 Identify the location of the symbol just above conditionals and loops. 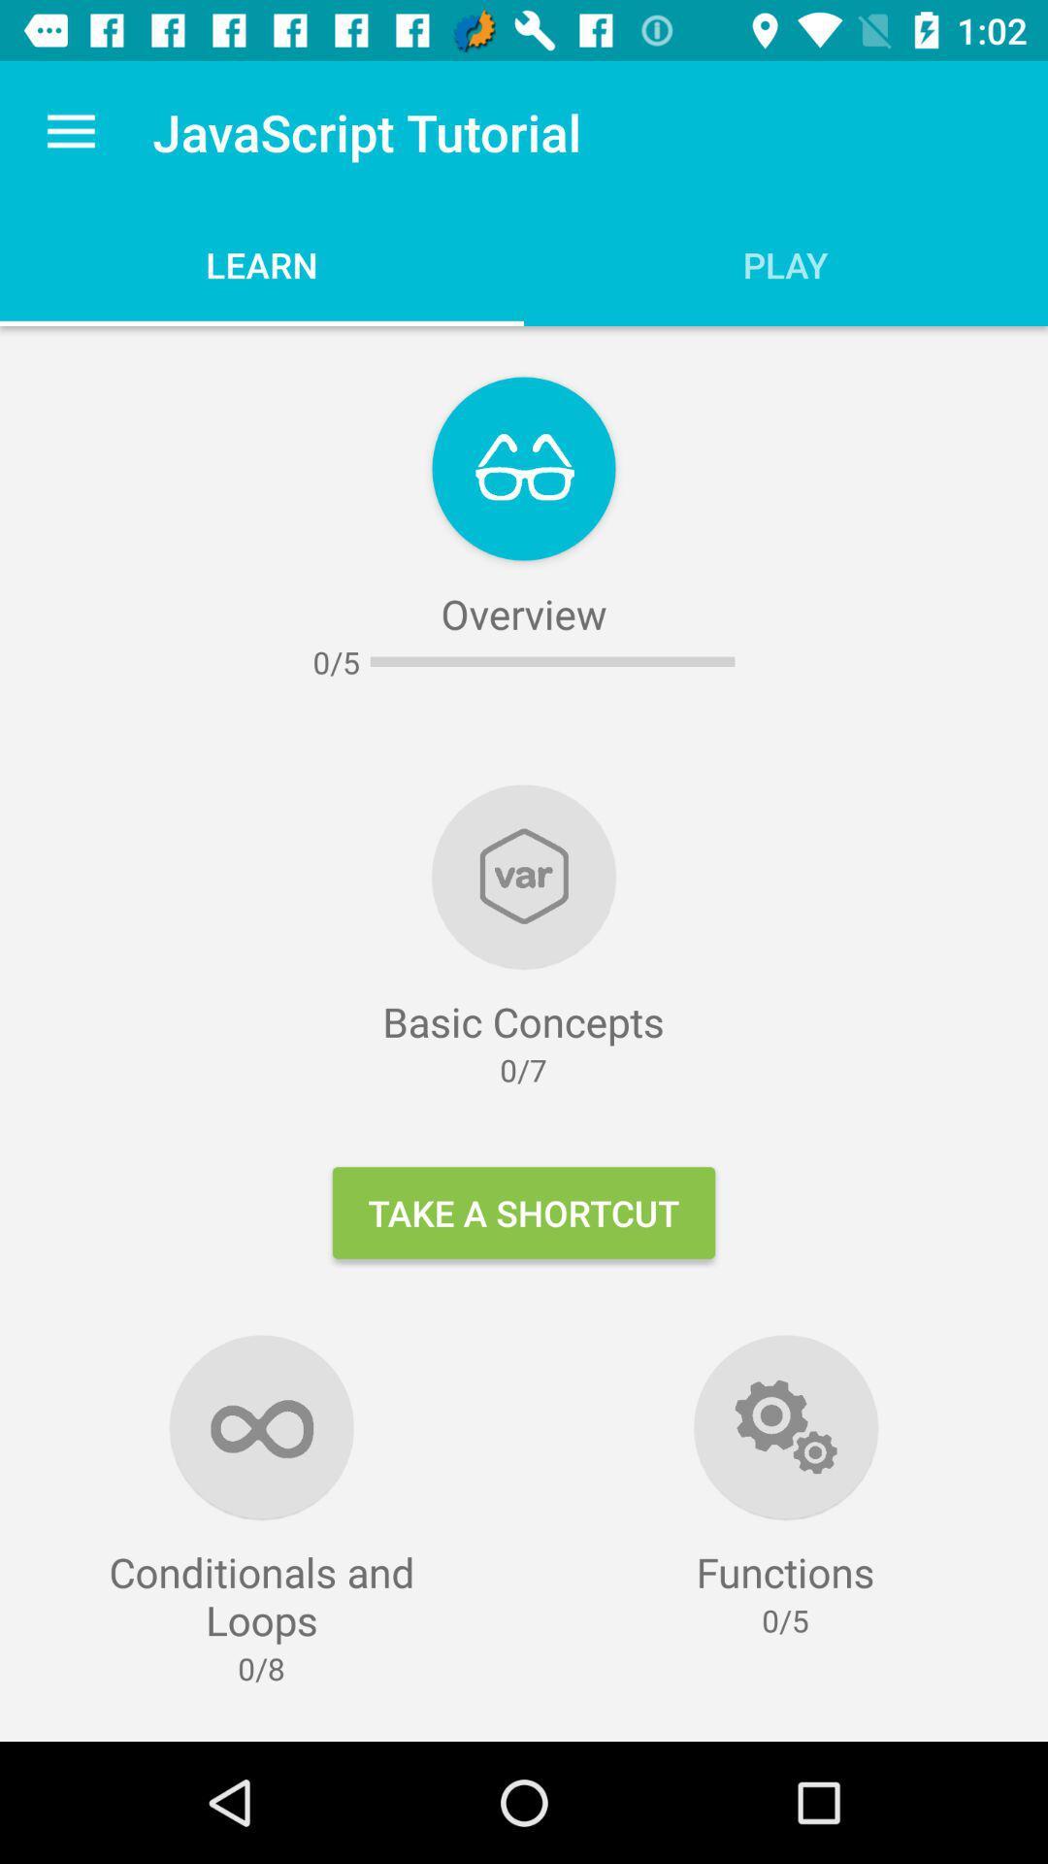
(262, 1426).